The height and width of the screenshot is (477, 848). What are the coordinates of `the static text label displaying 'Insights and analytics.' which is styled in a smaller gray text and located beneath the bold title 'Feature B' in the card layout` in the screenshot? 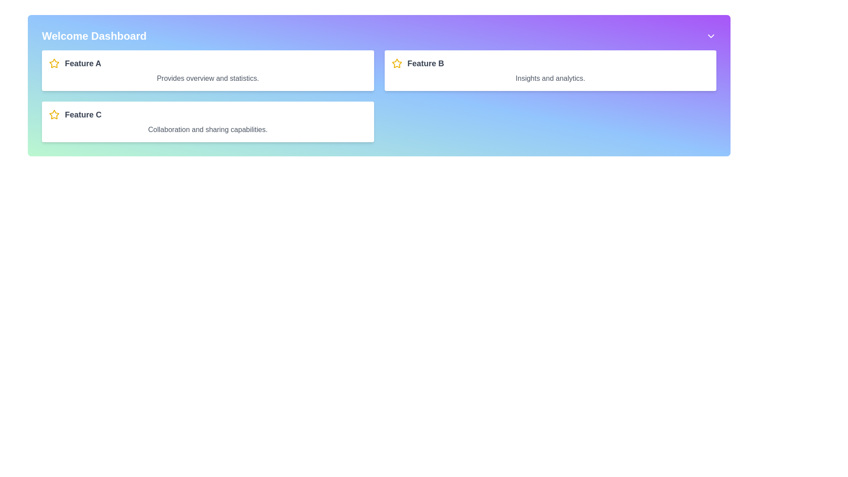 It's located at (550, 78).